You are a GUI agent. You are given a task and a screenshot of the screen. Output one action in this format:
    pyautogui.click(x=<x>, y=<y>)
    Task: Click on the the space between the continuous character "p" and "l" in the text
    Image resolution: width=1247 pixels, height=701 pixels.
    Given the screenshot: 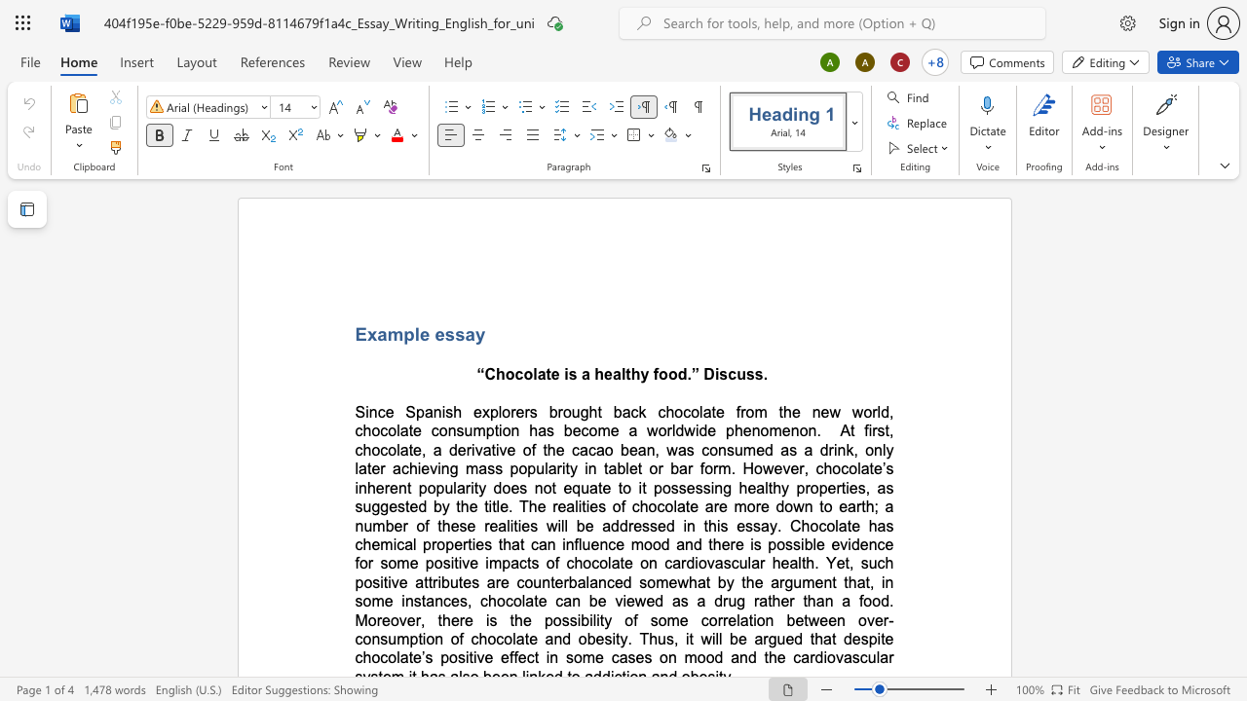 What is the action you would take?
    pyautogui.click(x=412, y=333)
    